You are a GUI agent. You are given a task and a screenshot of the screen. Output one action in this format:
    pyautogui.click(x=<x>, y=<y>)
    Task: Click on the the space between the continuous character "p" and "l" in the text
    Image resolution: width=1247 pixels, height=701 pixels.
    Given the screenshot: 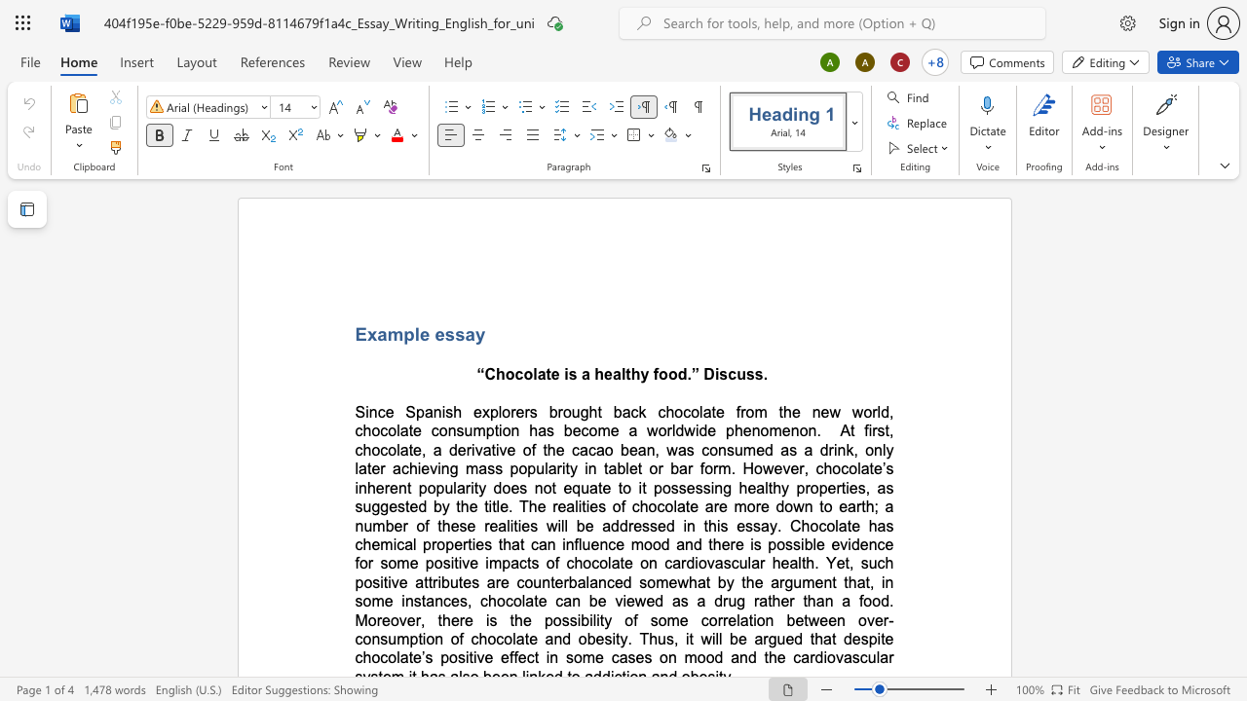 What is the action you would take?
    pyautogui.click(x=412, y=333)
    